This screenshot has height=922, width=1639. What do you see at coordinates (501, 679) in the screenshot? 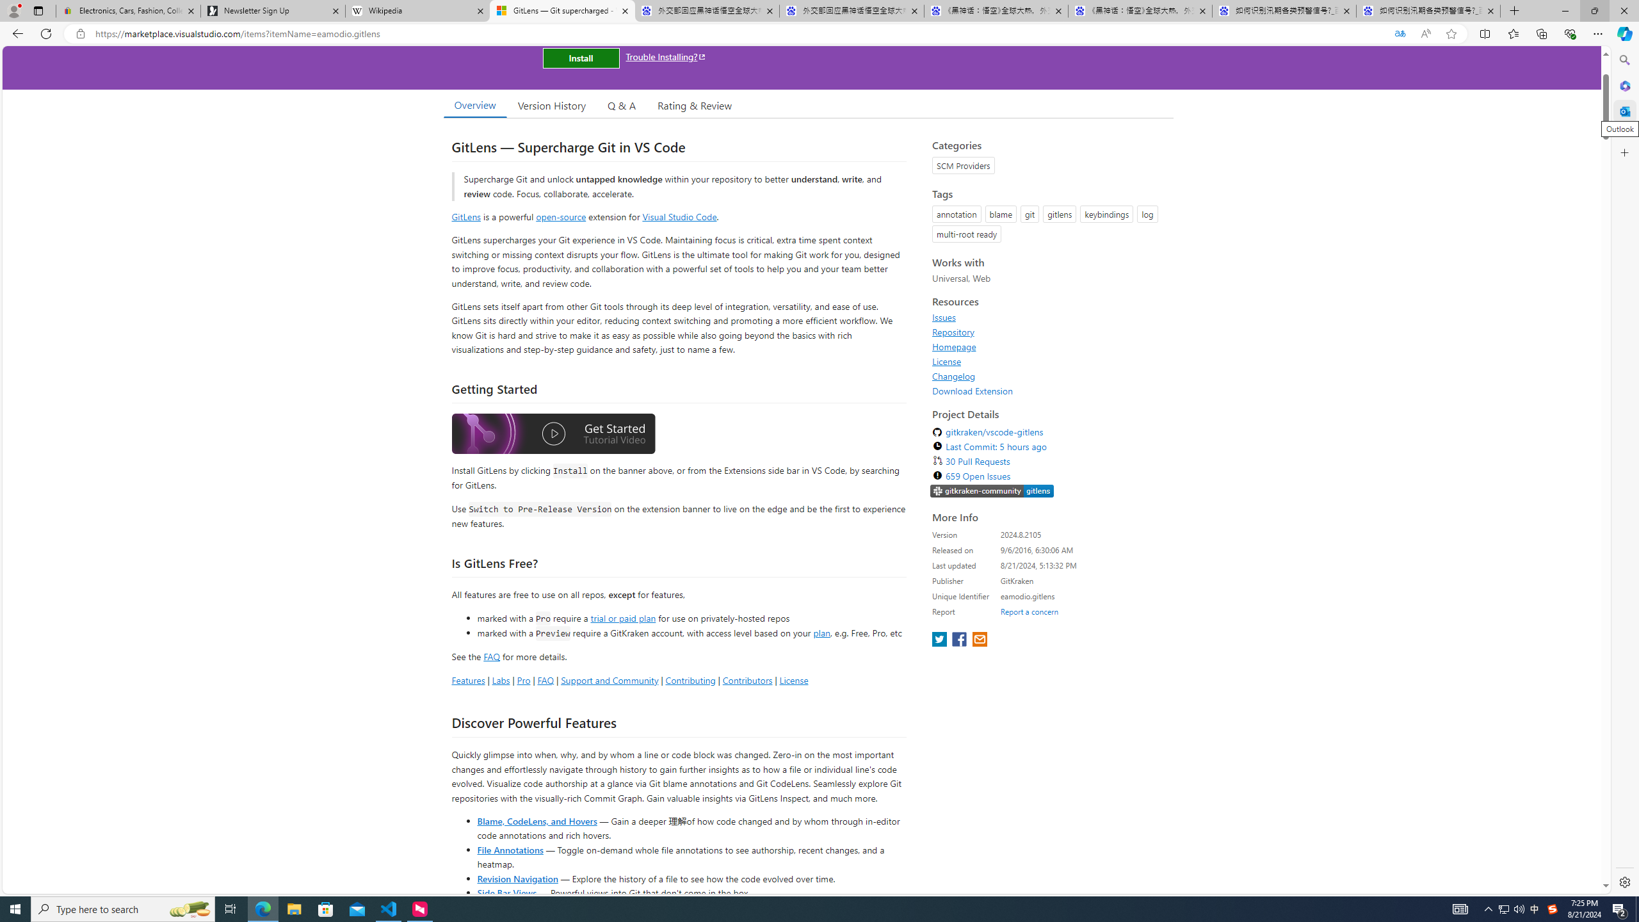
I see `'Labs'` at bounding box center [501, 679].